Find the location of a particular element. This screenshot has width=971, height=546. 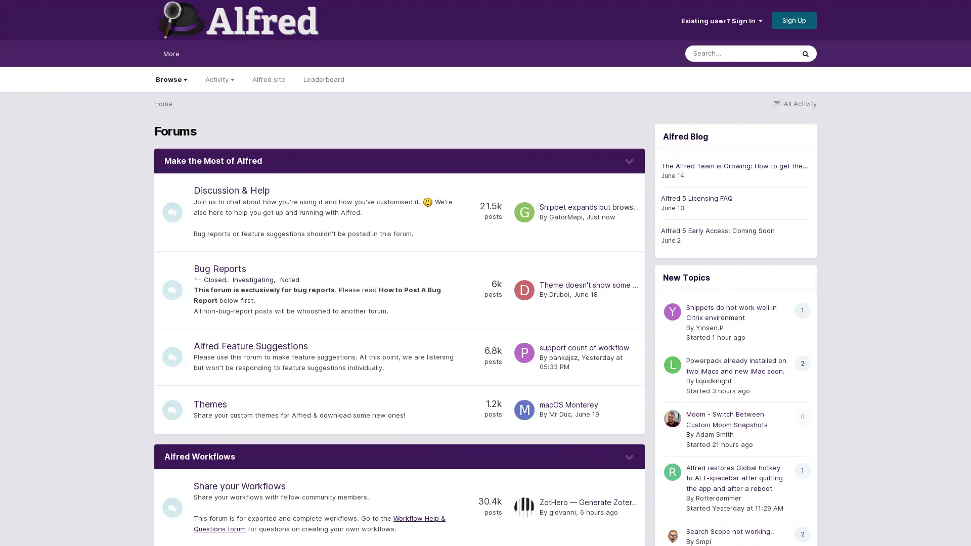

Search is located at coordinates (805, 53).